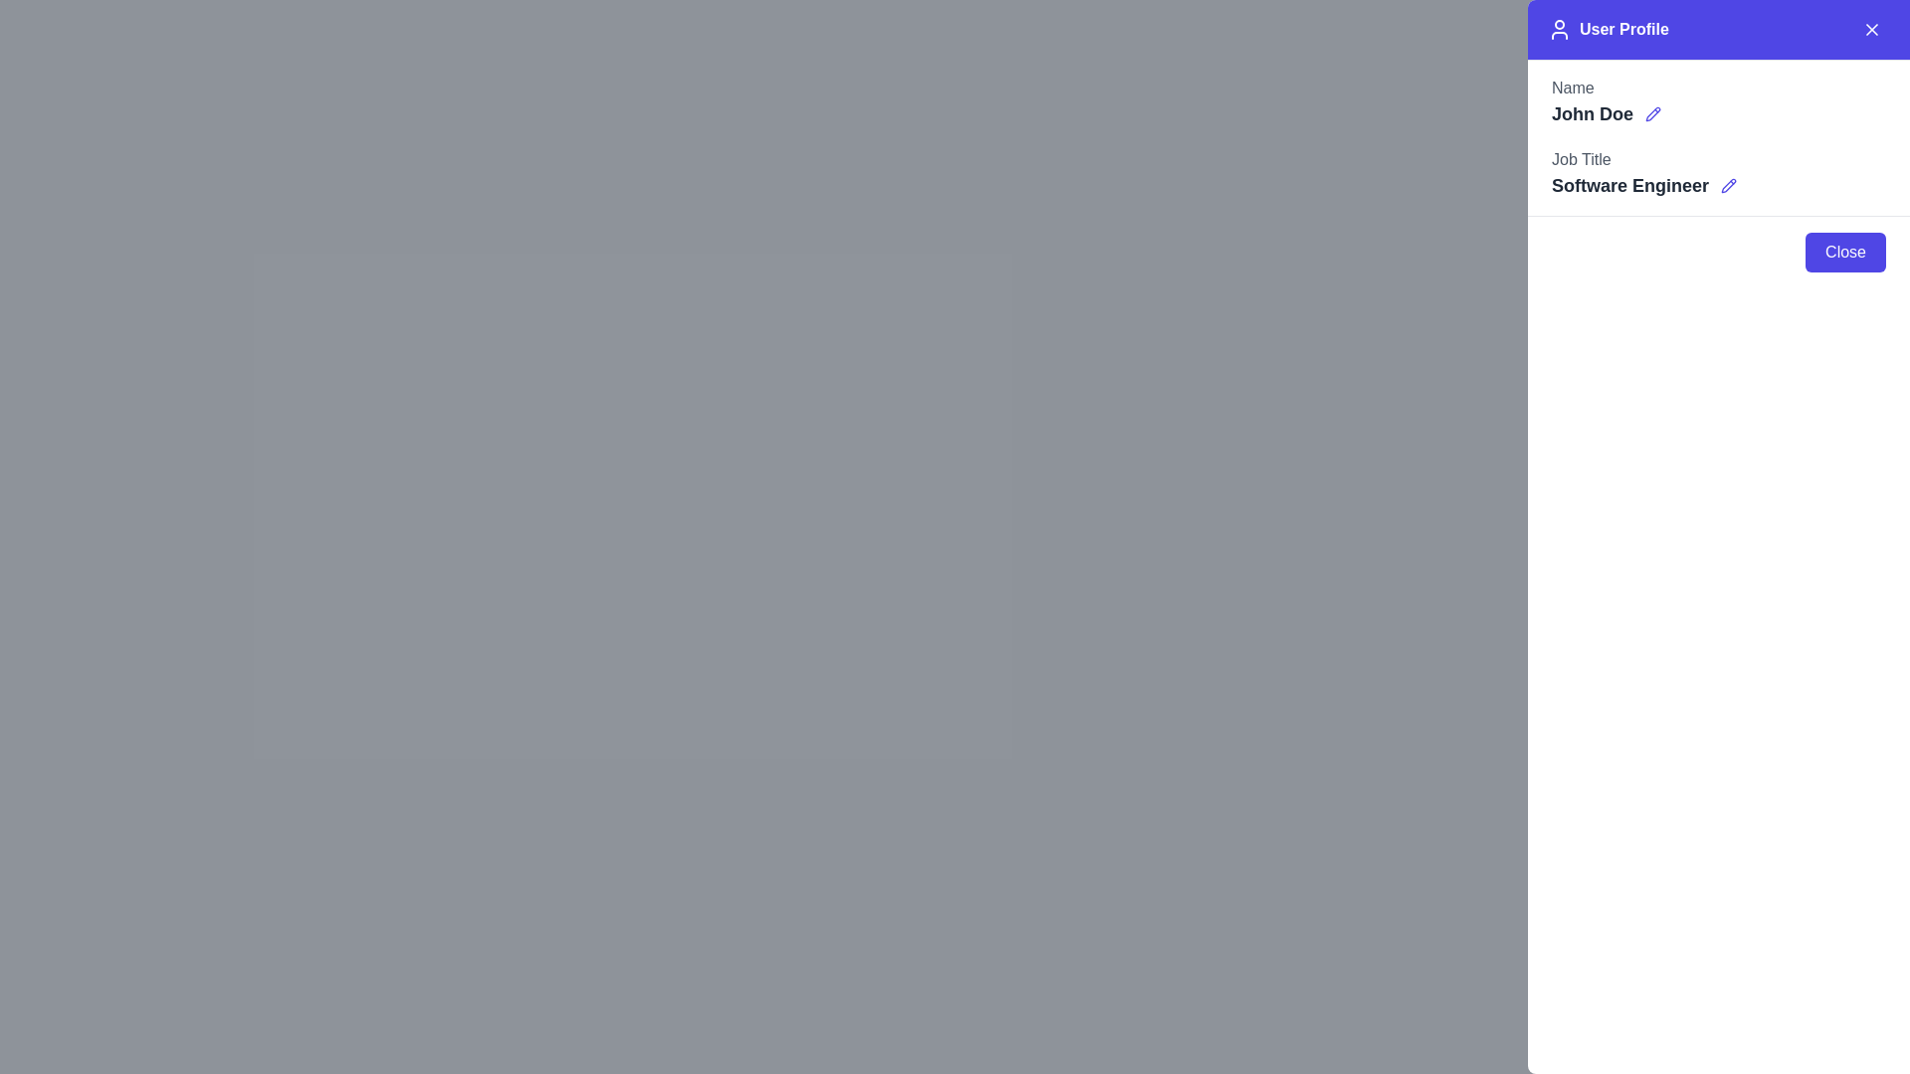  Describe the element at coordinates (1718, 172) in the screenshot. I see `the 'Software Engineer' text in the profile panel` at that location.